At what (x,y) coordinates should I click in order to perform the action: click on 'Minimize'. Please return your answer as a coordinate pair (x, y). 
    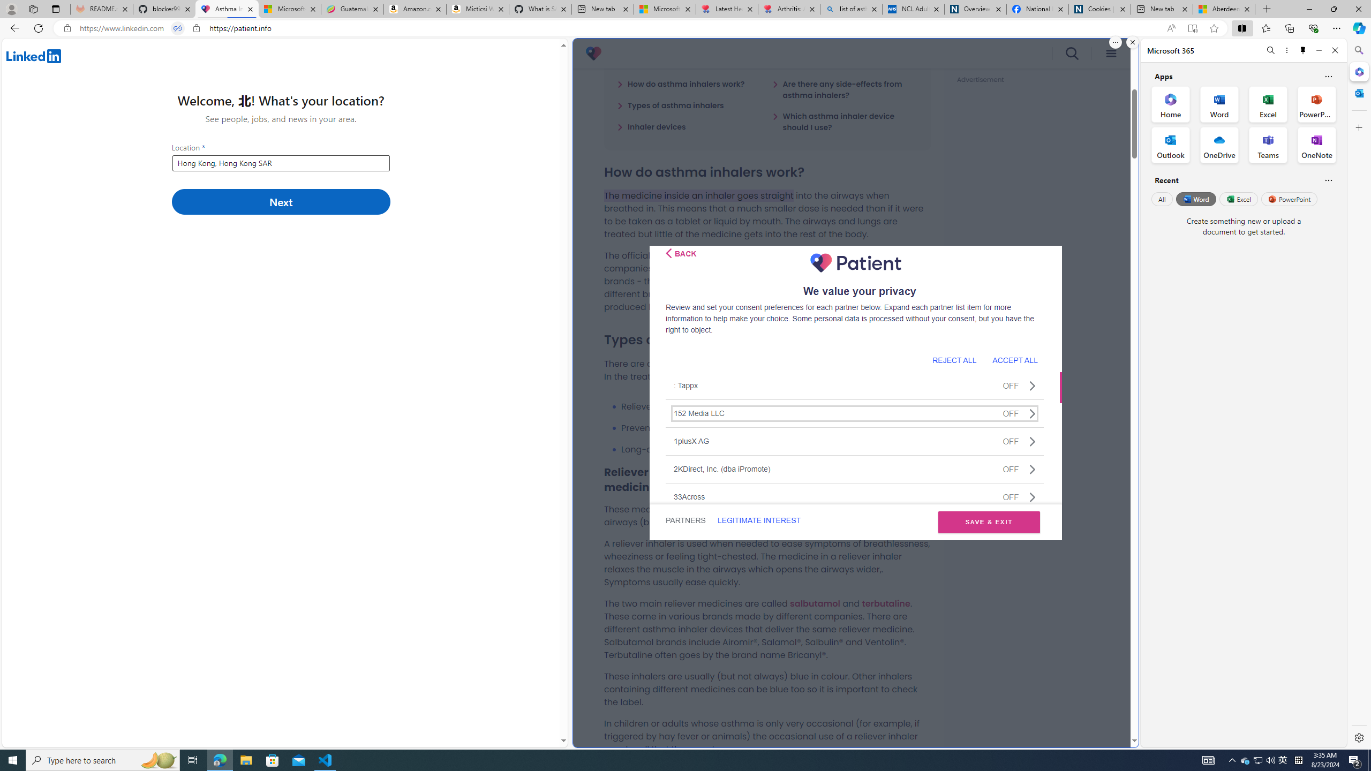
    Looking at the image, I should click on (1319, 50).